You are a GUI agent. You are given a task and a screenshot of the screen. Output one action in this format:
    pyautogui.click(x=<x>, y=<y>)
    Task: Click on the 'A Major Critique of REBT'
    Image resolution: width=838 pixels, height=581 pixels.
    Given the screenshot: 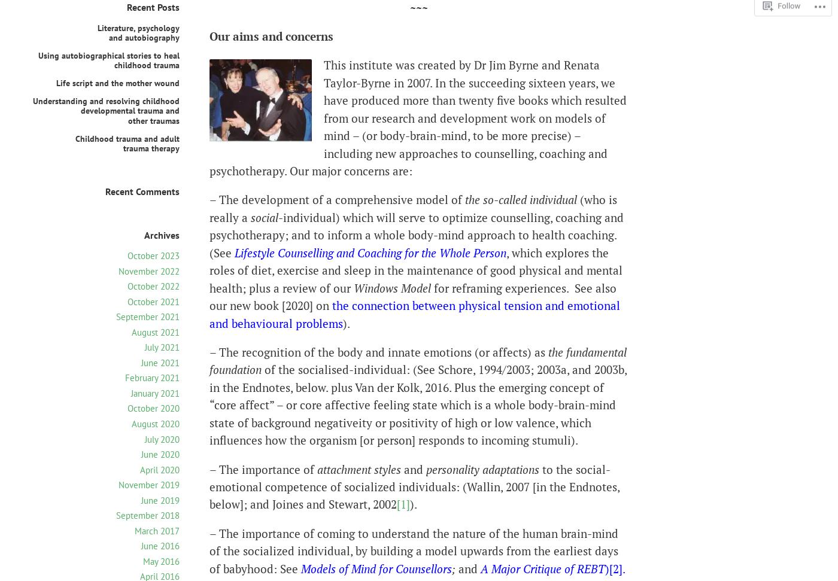 What is the action you would take?
    pyautogui.click(x=481, y=567)
    